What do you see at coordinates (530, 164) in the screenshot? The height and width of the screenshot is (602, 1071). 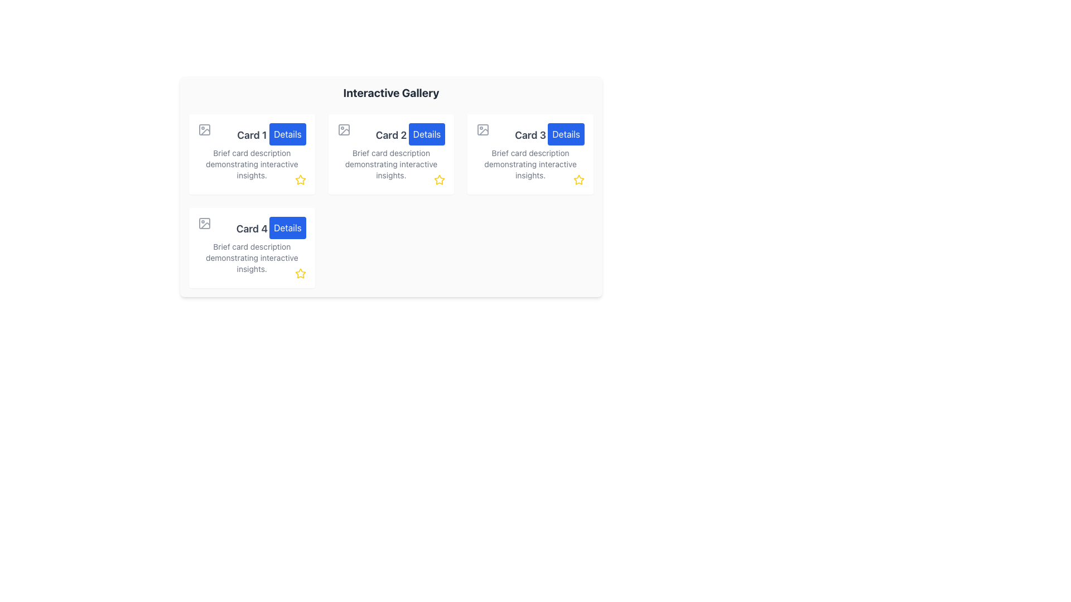 I see `the text label displaying a brief description related to 'Card 3' located below the 'Card 3' title within the 'Interactive Gallery.'` at bounding box center [530, 164].